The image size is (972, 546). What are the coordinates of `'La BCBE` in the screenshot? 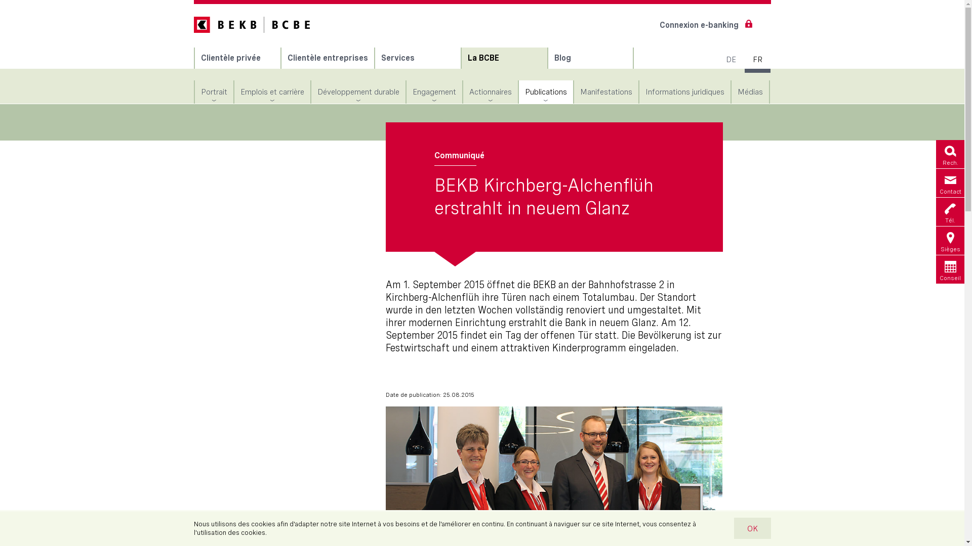 It's located at (461, 58).